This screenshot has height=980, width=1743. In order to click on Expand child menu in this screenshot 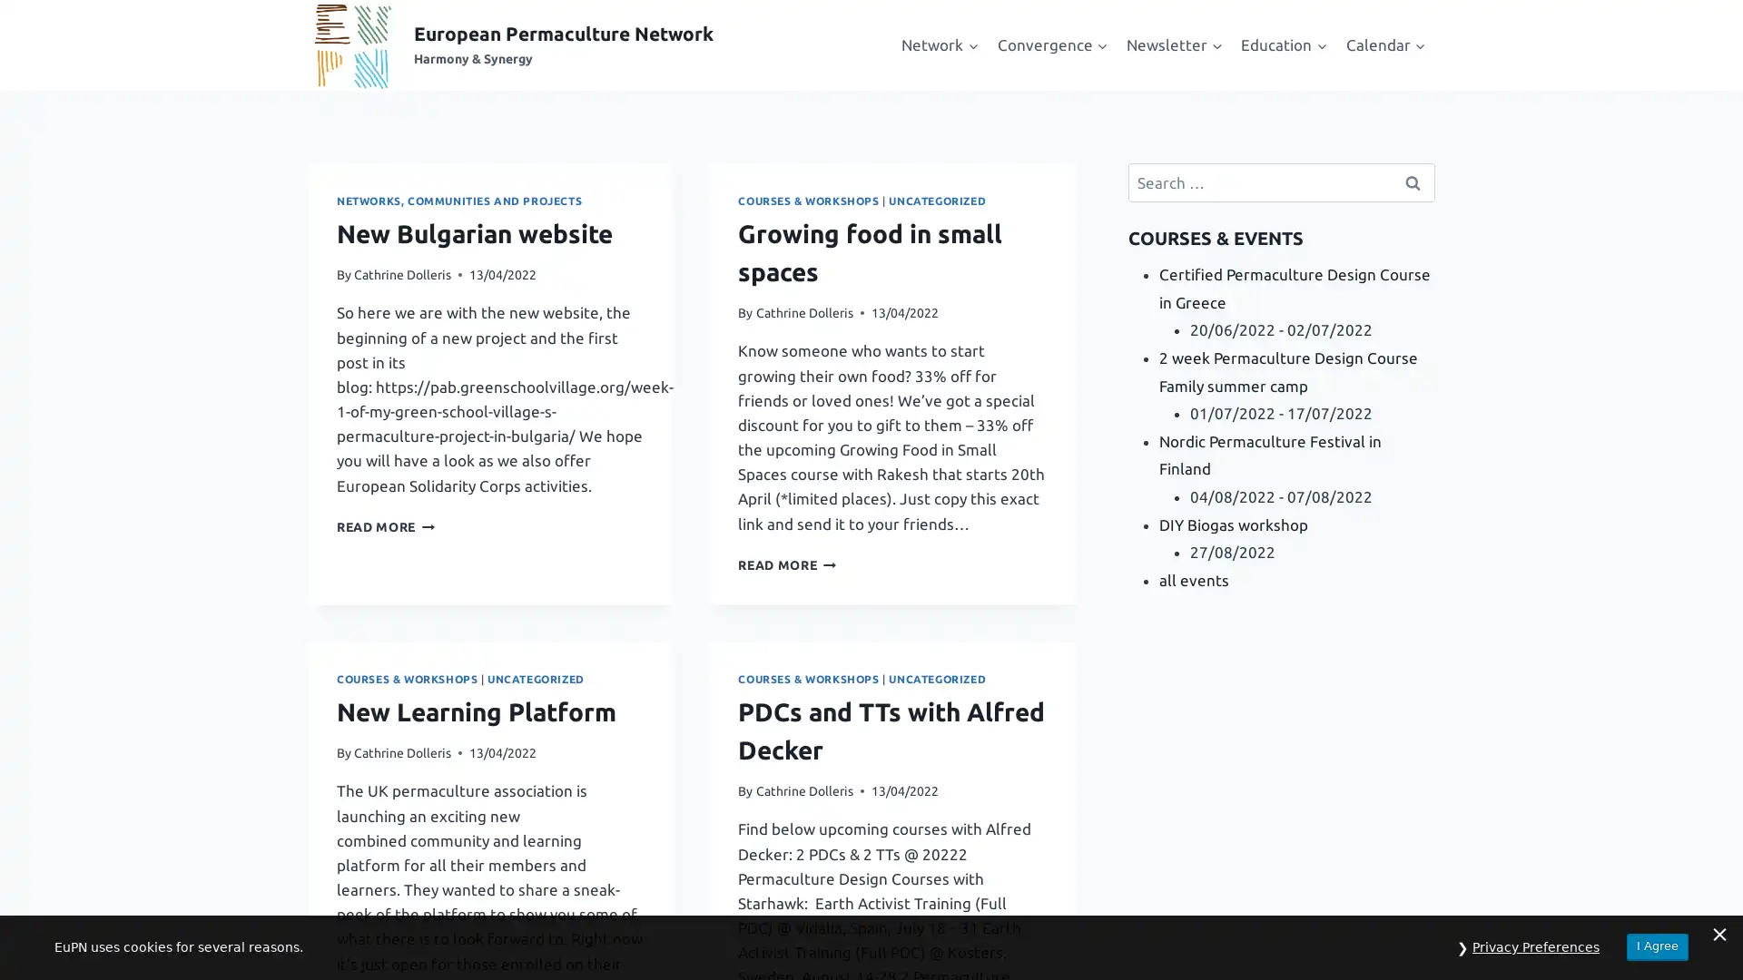, I will do `click(1051, 44)`.